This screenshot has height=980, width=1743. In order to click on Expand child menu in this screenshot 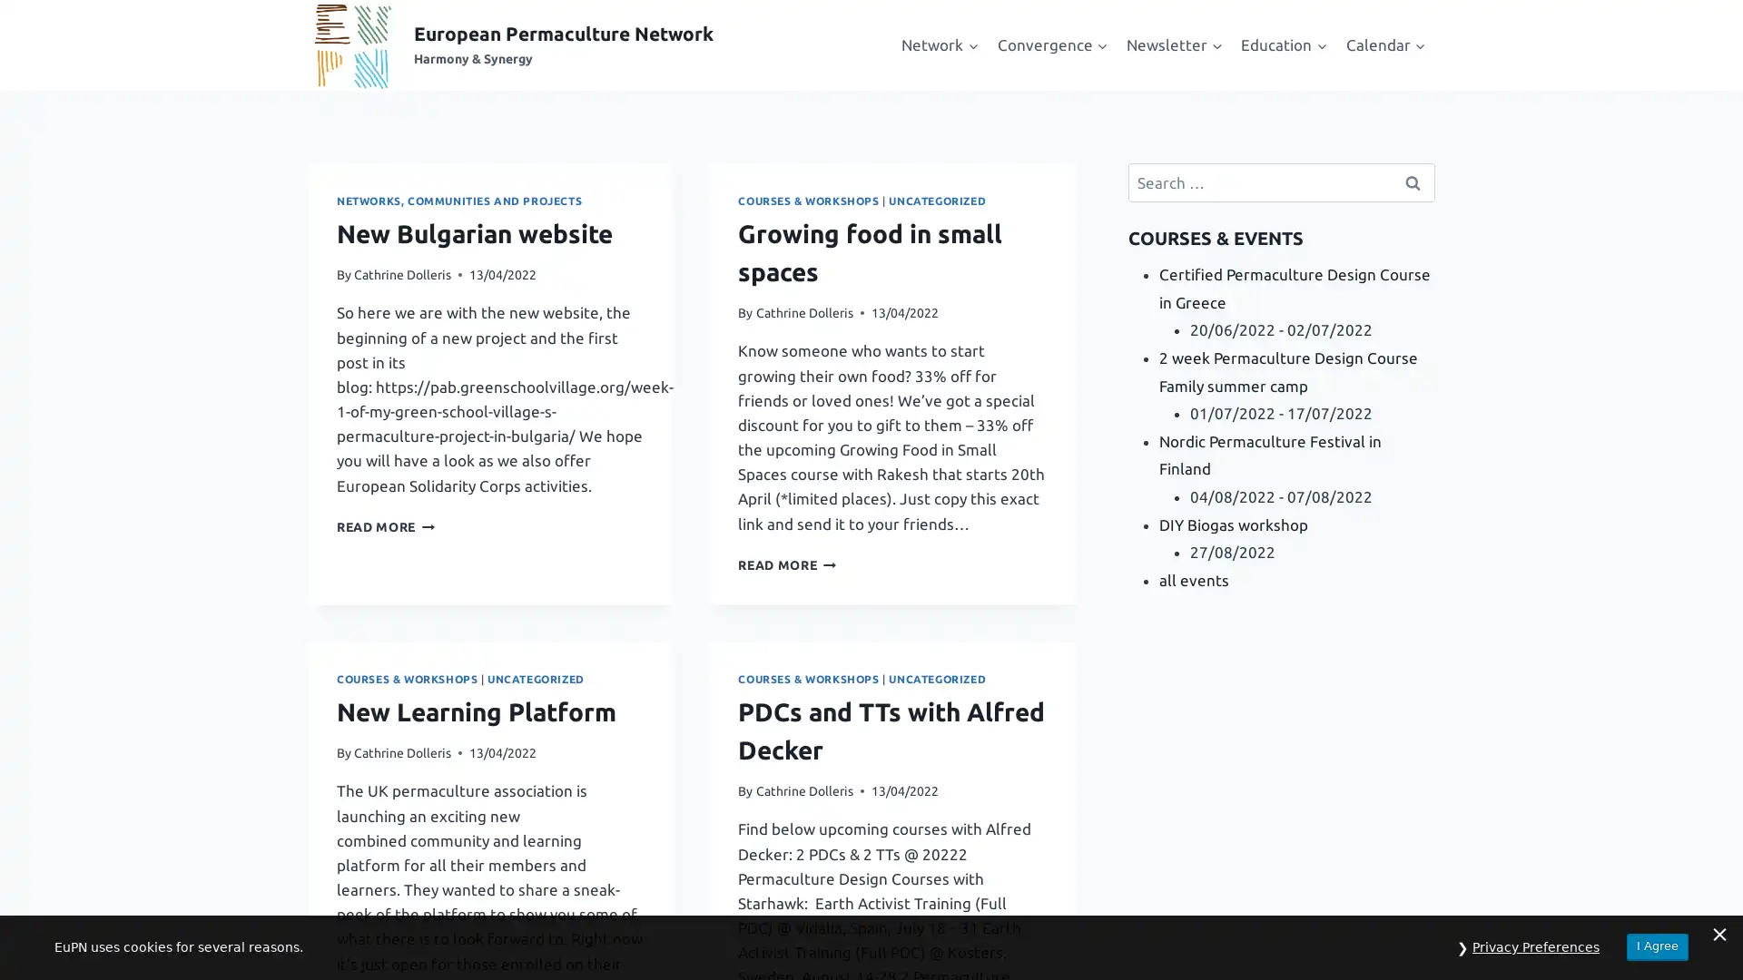, I will do `click(1051, 44)`.